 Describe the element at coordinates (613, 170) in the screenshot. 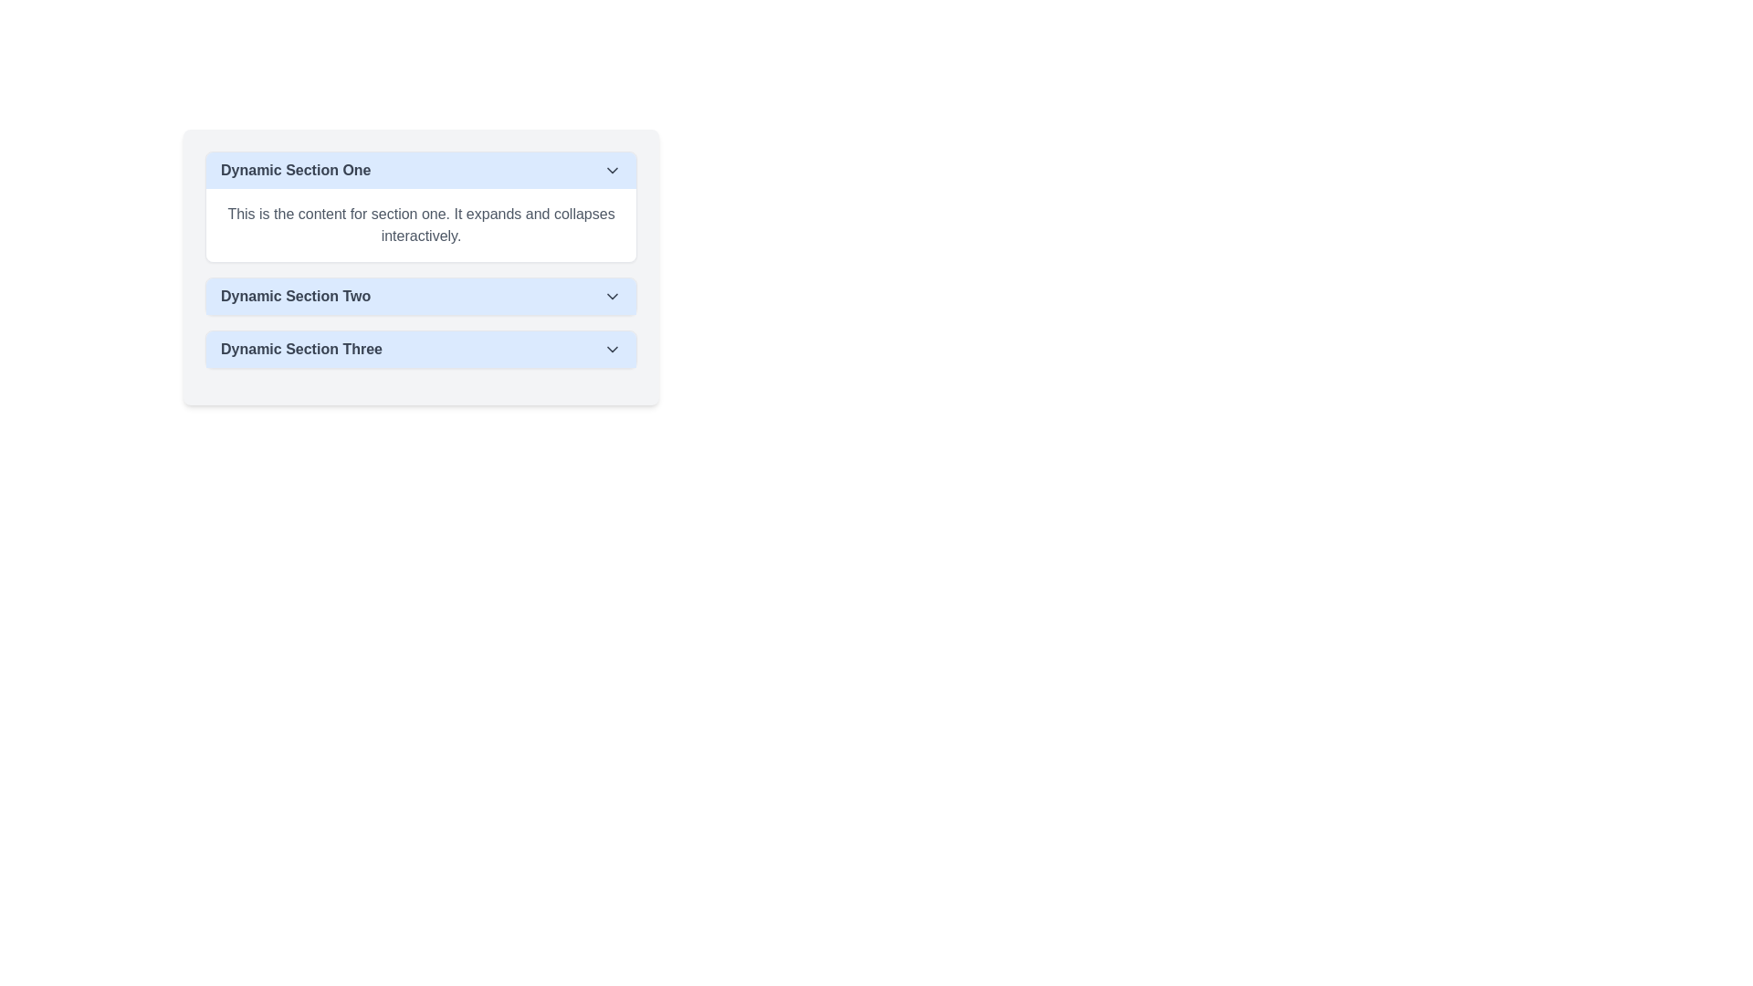

I see `the downward-facing chevron icon located on the far-right side of the header labeled 'Dynamic Section One' for accessibility` at that location.